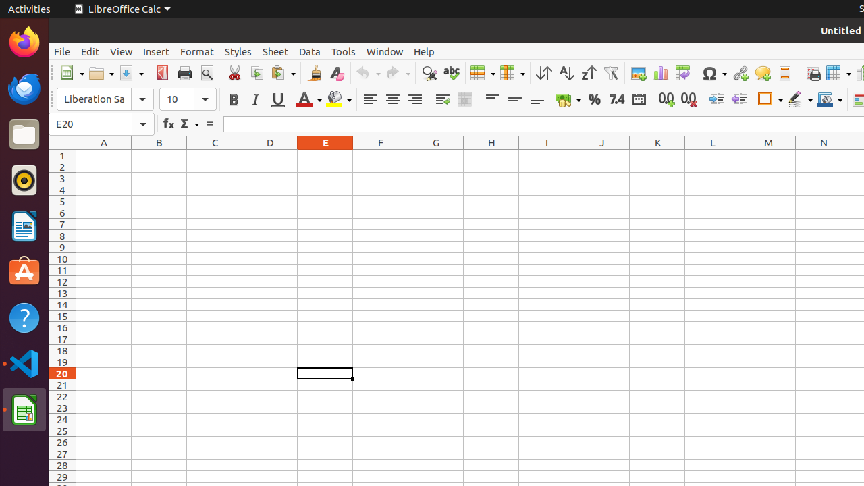 Image resolution: width=864 pixels, height=486 pixels. What do you see at coordinates (588, 73) in the screenshot?
I see `'Sort Descending'` at bounding box center [588, 73].